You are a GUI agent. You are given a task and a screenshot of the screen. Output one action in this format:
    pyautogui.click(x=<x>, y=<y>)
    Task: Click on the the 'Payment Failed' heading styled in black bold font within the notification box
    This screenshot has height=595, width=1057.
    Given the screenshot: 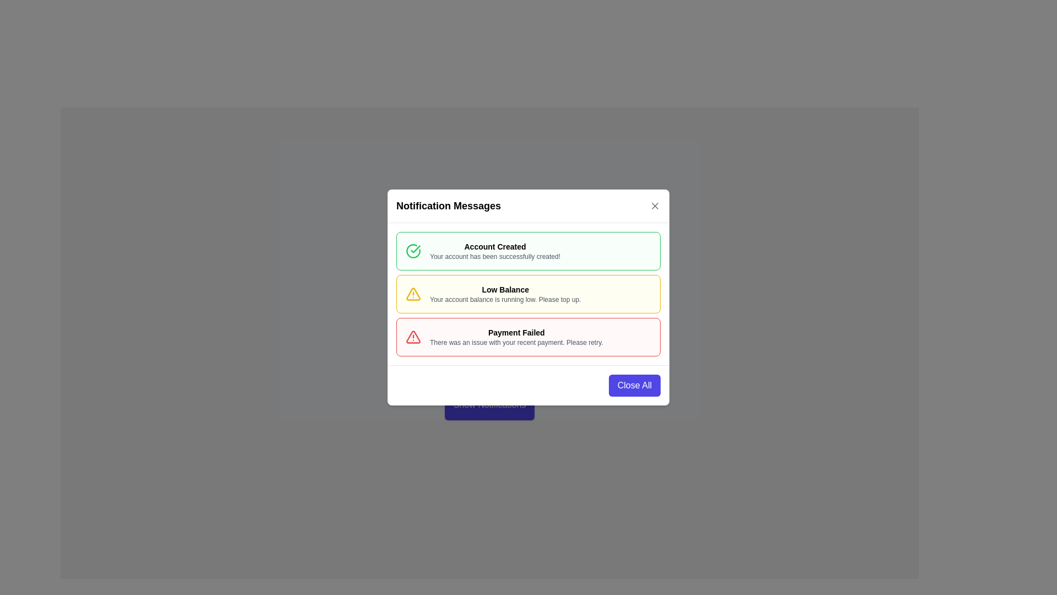 What is the action you would take?
    pyautogui.click(x=516, y=332)
    